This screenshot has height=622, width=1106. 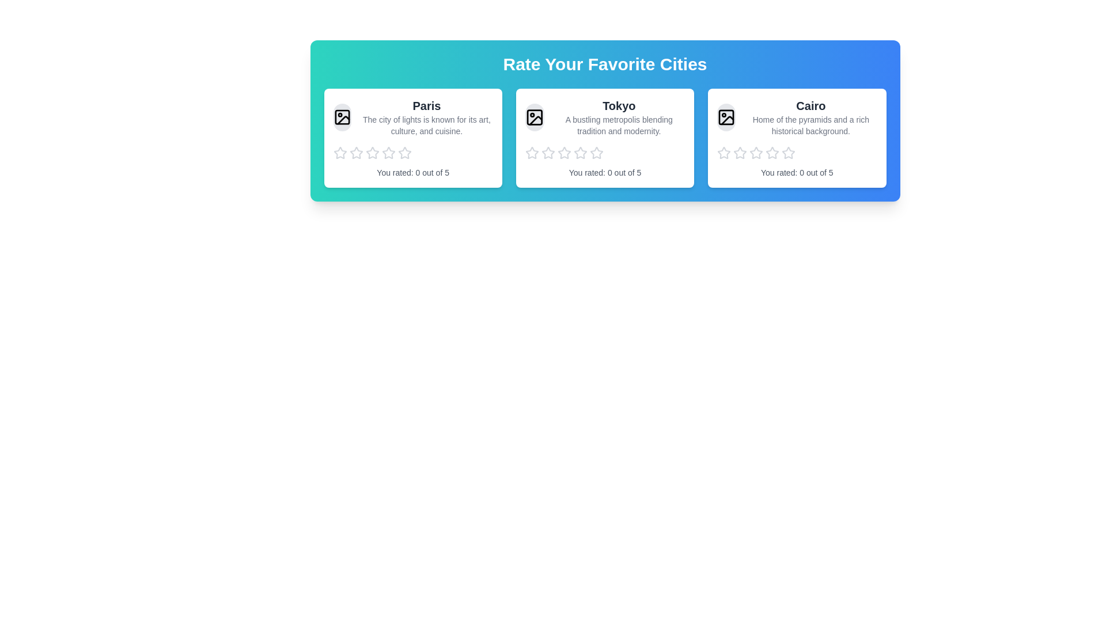 I want to click on text content of the Text block that describes the city 'Cairo', located in the upper portion of the rightmost card beneath an outlined image placeholder, so click(x=796, y=117).